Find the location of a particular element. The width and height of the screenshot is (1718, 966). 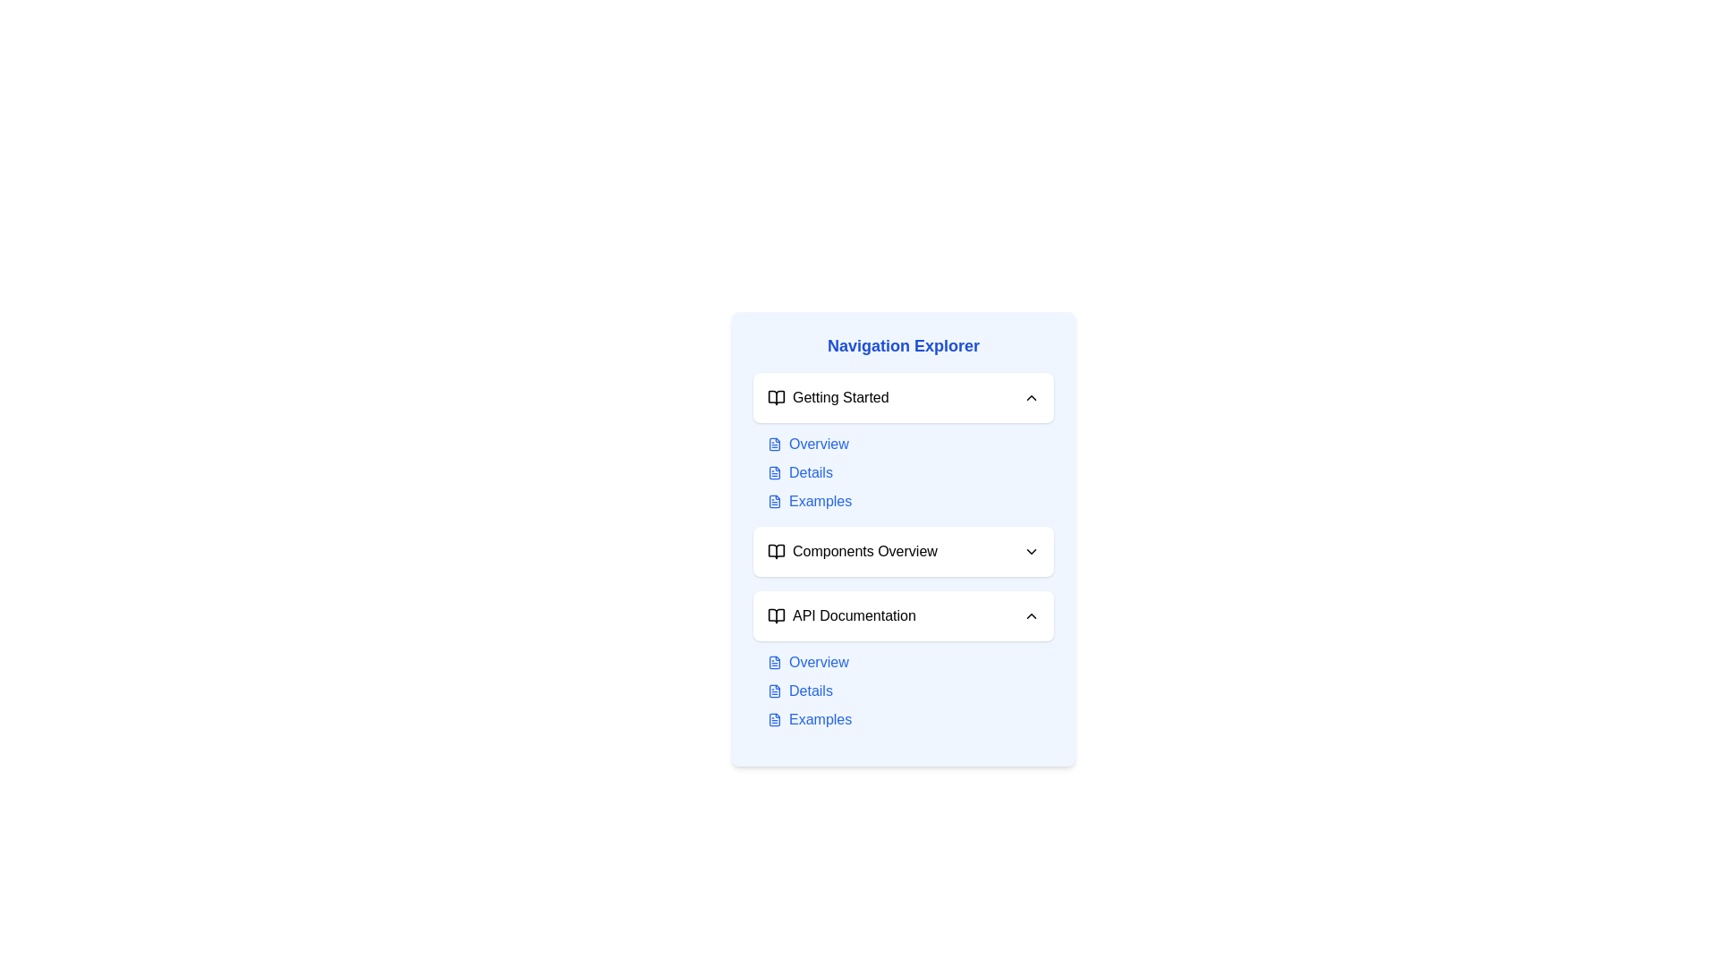

the document icon with a blue outline representing text, located to the left of the 'Overview' text in the 'Getting Started' section of the navigation menu is located at coordinates (774, 444).